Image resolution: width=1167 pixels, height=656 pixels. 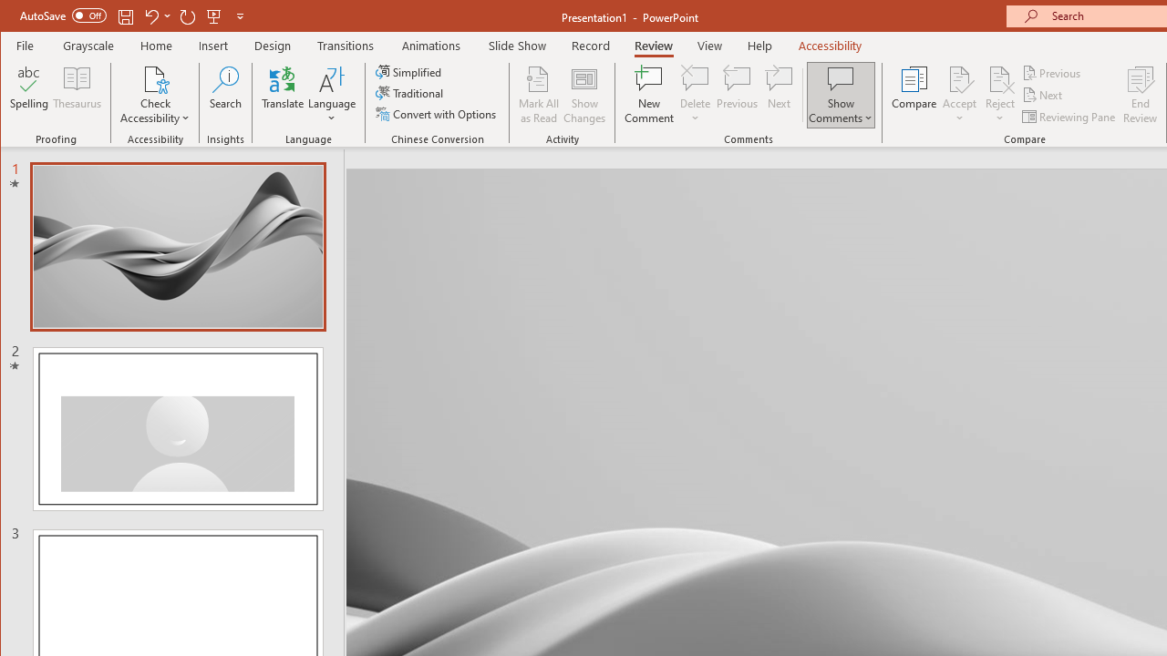 What do you see at coordinates (409, 71) in the screenshot?
I see `'Simplified'` at bounding box center [409, 71].